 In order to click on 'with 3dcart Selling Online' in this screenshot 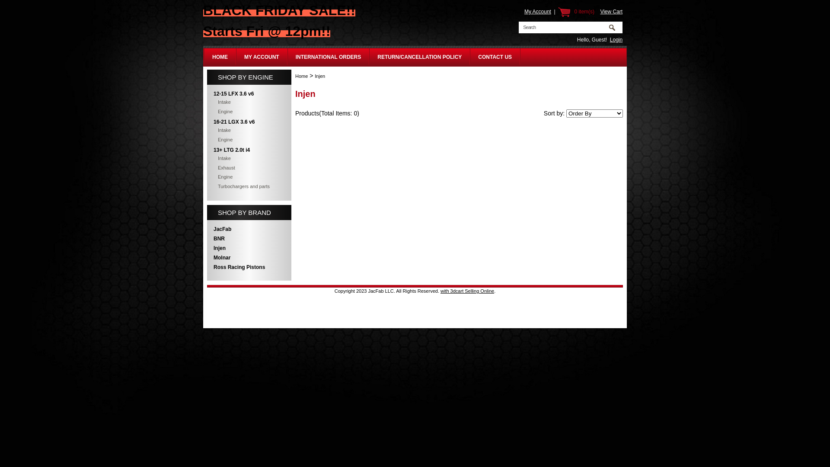, I will do `click(440, 291)`.